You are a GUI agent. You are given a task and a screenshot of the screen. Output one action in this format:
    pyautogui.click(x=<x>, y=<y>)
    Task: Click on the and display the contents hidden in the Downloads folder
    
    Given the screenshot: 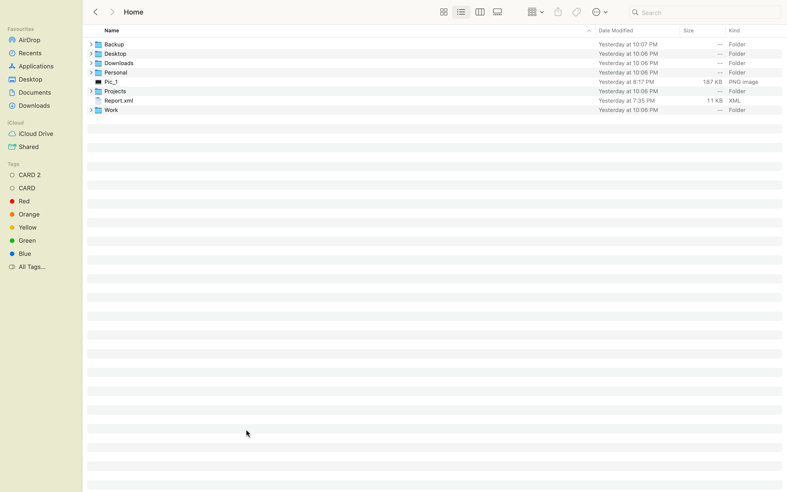 What is the action you would take?
    pyautogui.click(x=89, y=63)
    